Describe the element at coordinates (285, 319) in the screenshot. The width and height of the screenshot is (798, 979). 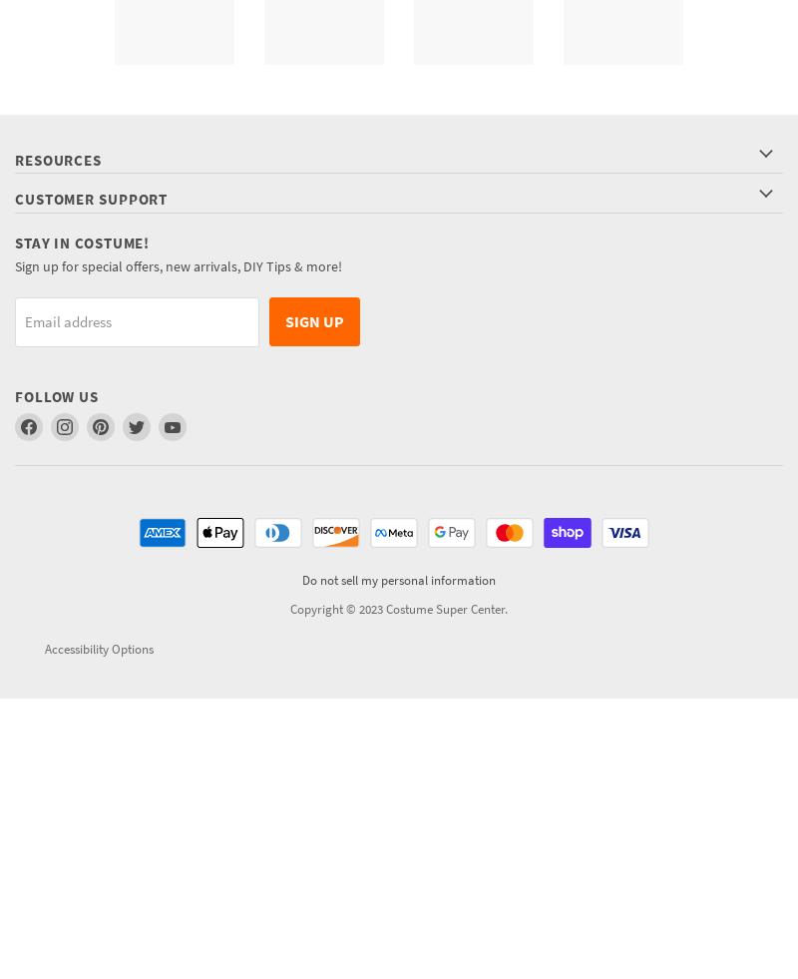
I see `'SIGN UP'` at that location.